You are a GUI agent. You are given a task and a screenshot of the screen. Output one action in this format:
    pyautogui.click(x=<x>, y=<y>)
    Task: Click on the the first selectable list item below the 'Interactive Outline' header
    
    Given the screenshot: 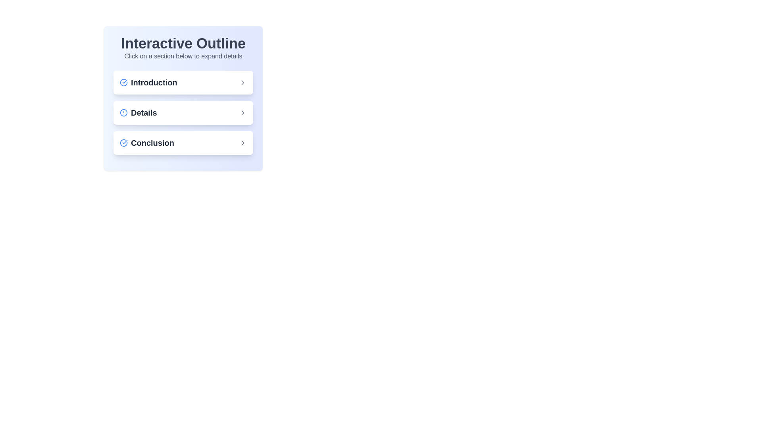 What is the action you would take?
    pyautogui.click(x=148, y=83)
    